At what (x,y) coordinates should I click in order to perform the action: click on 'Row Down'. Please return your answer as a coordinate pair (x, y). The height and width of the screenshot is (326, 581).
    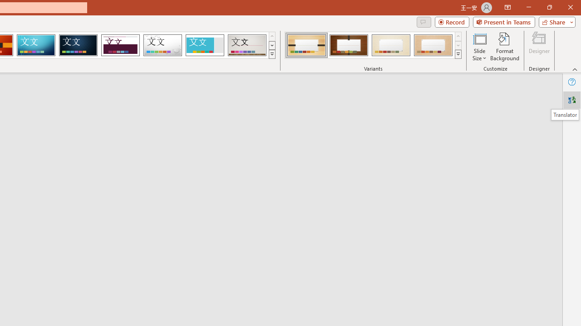
    Looking at the image, I should click on (458, 45).